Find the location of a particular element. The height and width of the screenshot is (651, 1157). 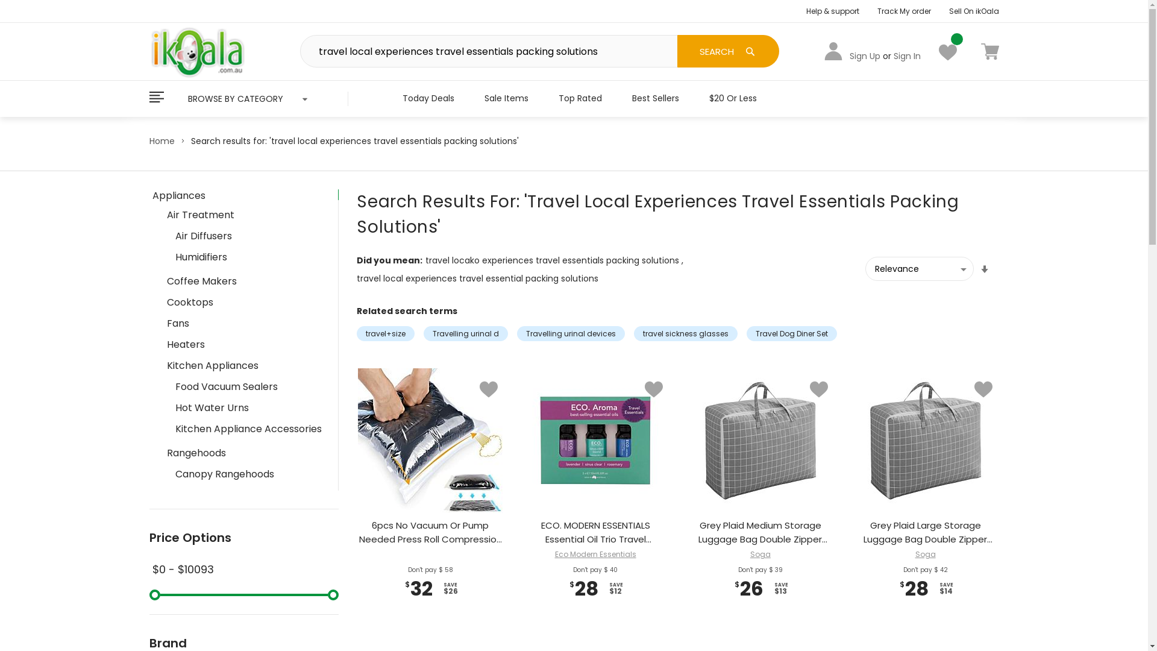

'Sell On ikOala' is located at coordinates (973, 11).